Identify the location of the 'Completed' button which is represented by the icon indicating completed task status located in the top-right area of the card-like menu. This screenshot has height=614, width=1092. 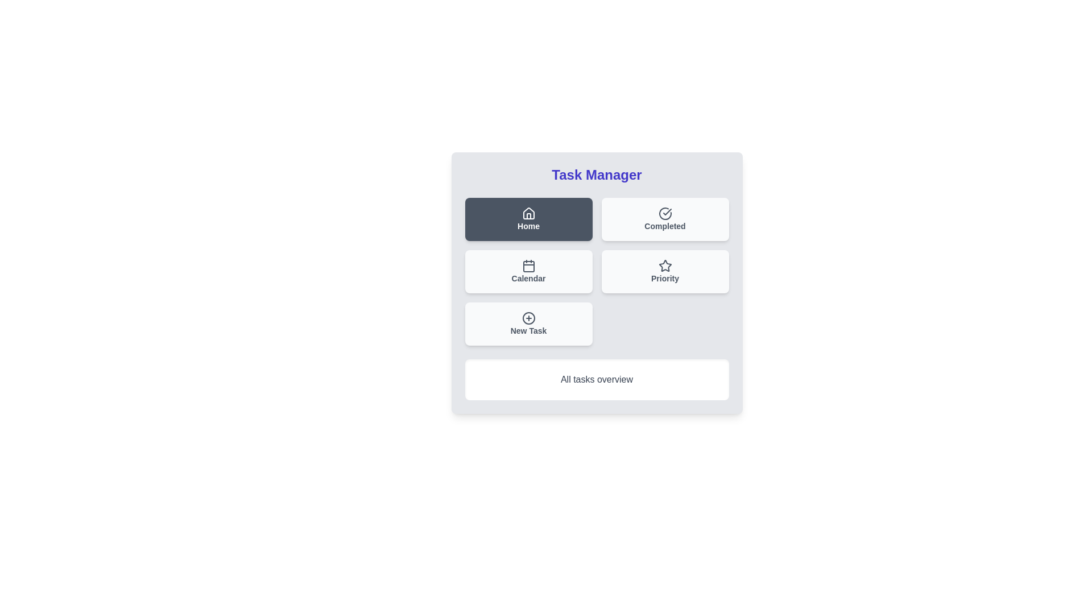
(665, 213).